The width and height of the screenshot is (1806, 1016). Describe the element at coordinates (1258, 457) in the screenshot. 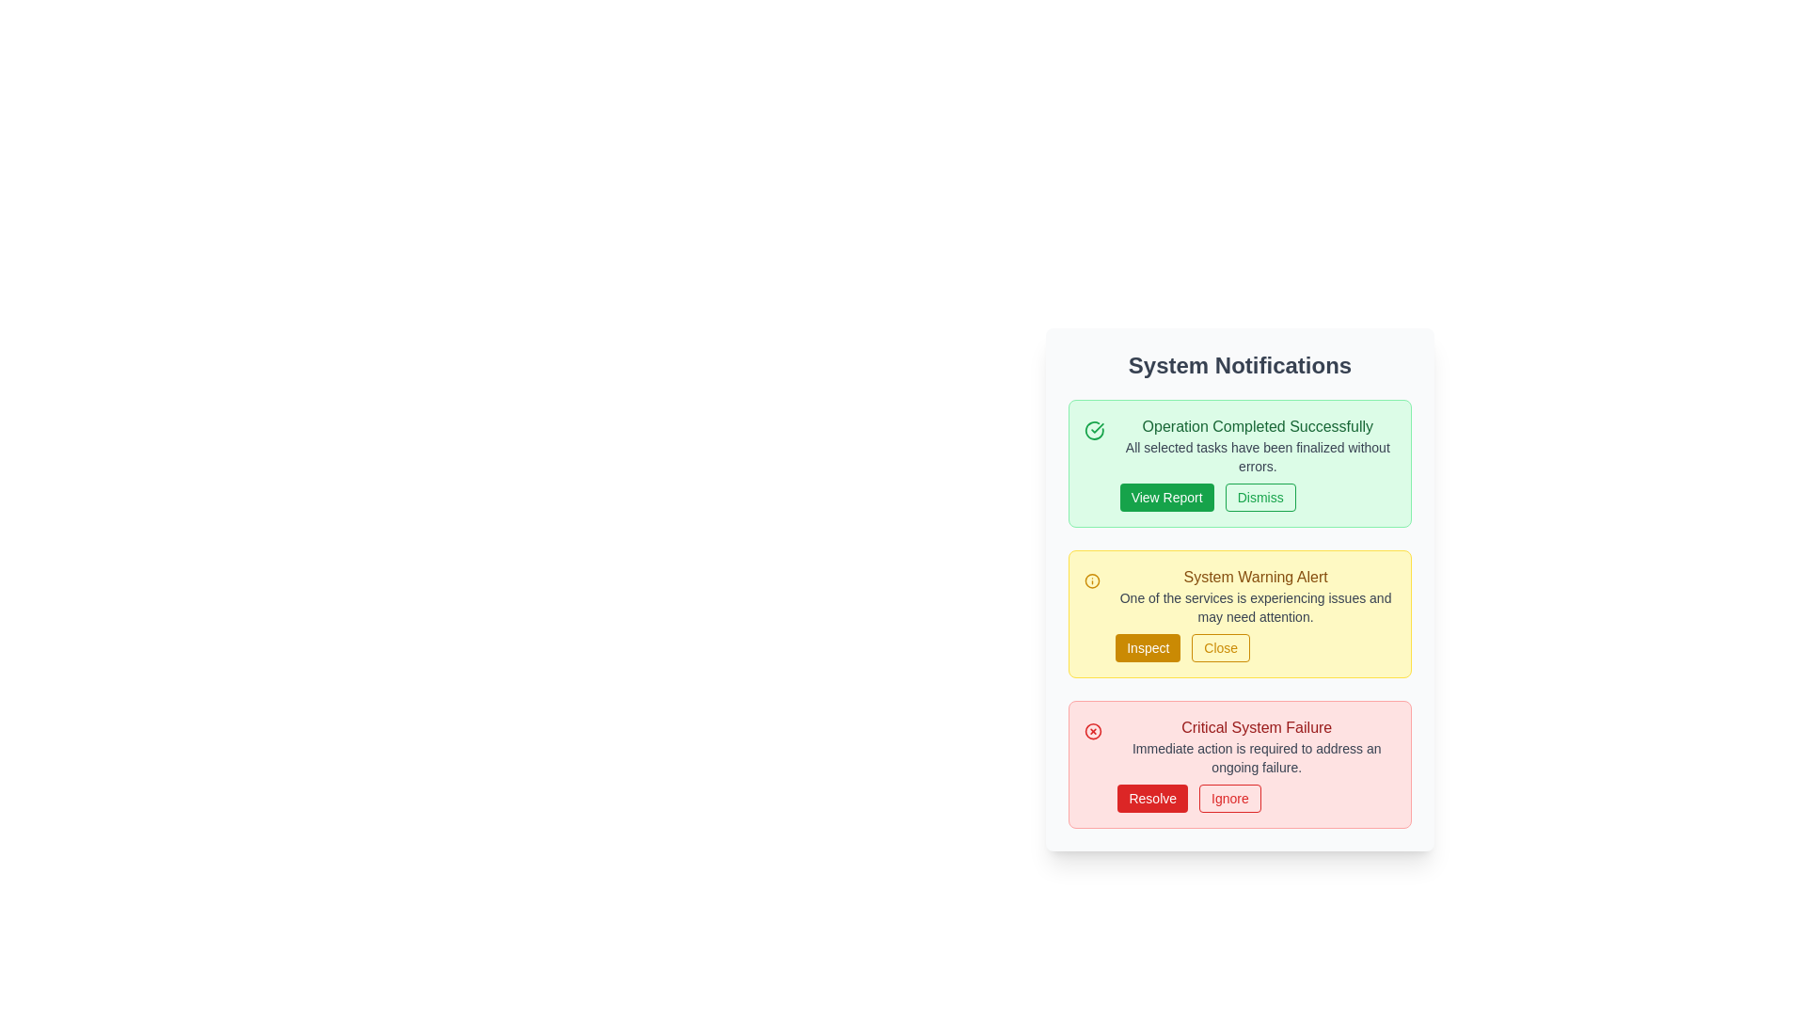

I see `status text displayed in the label located within the green background box labeled 'Operation Completed Successfully', which is centrally positioned above the 'View Report' and 'Dismiss' buttons` at that location.